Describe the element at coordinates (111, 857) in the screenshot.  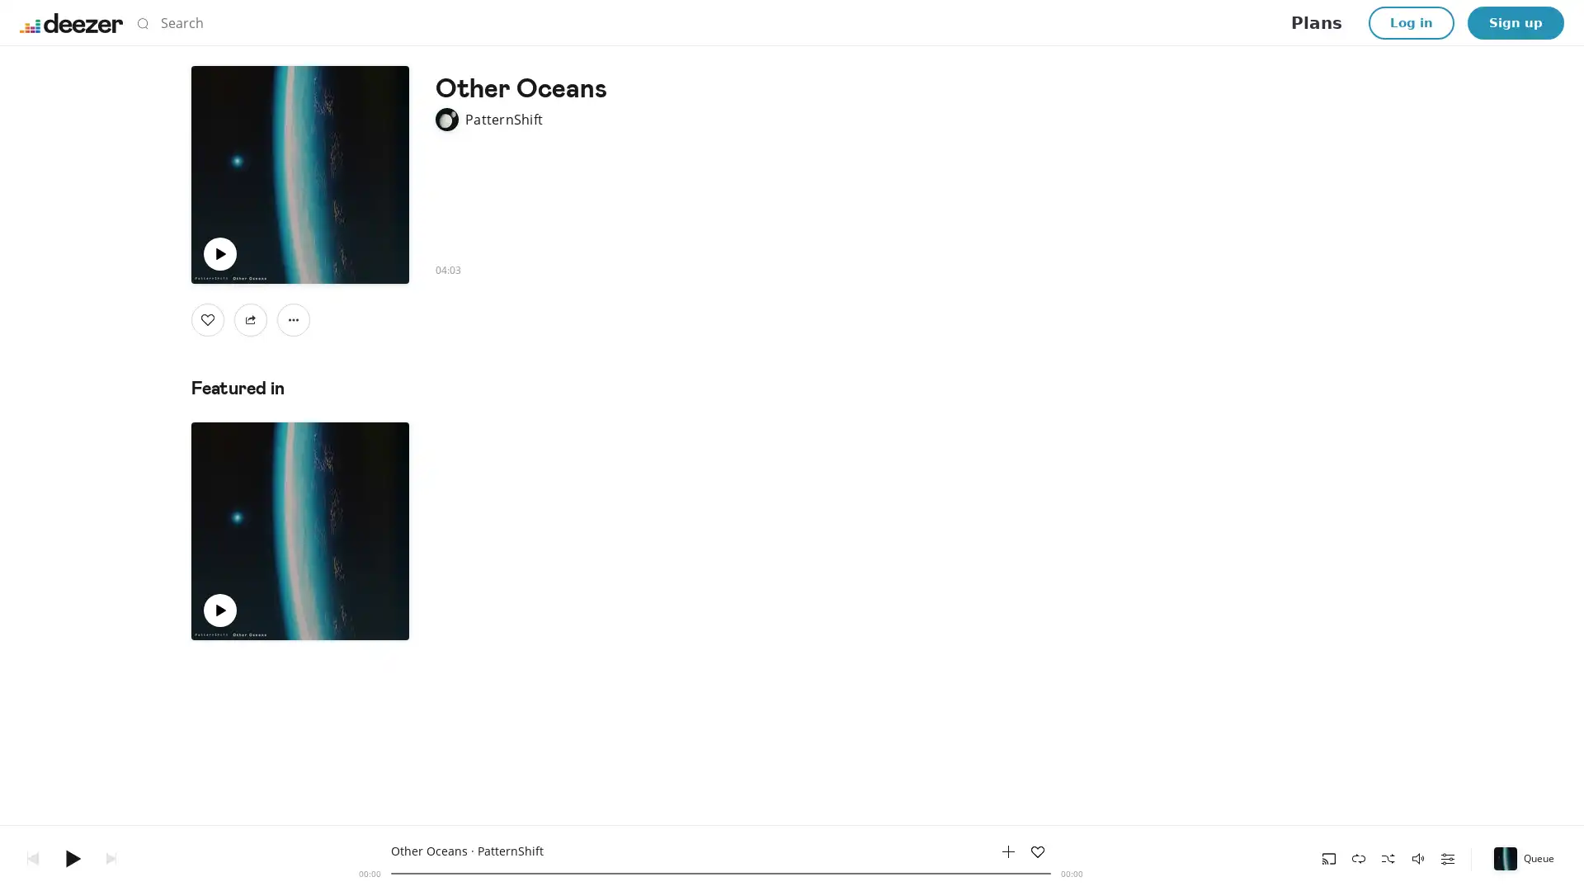
I see `Next` at that location.